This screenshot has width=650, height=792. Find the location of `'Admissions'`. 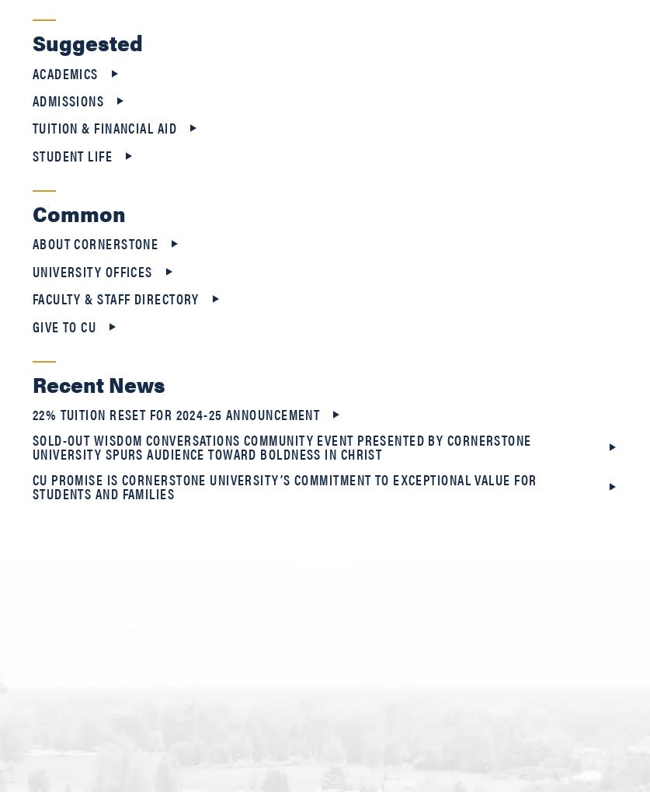

'Admissions' is located at coordinates (32, 100).